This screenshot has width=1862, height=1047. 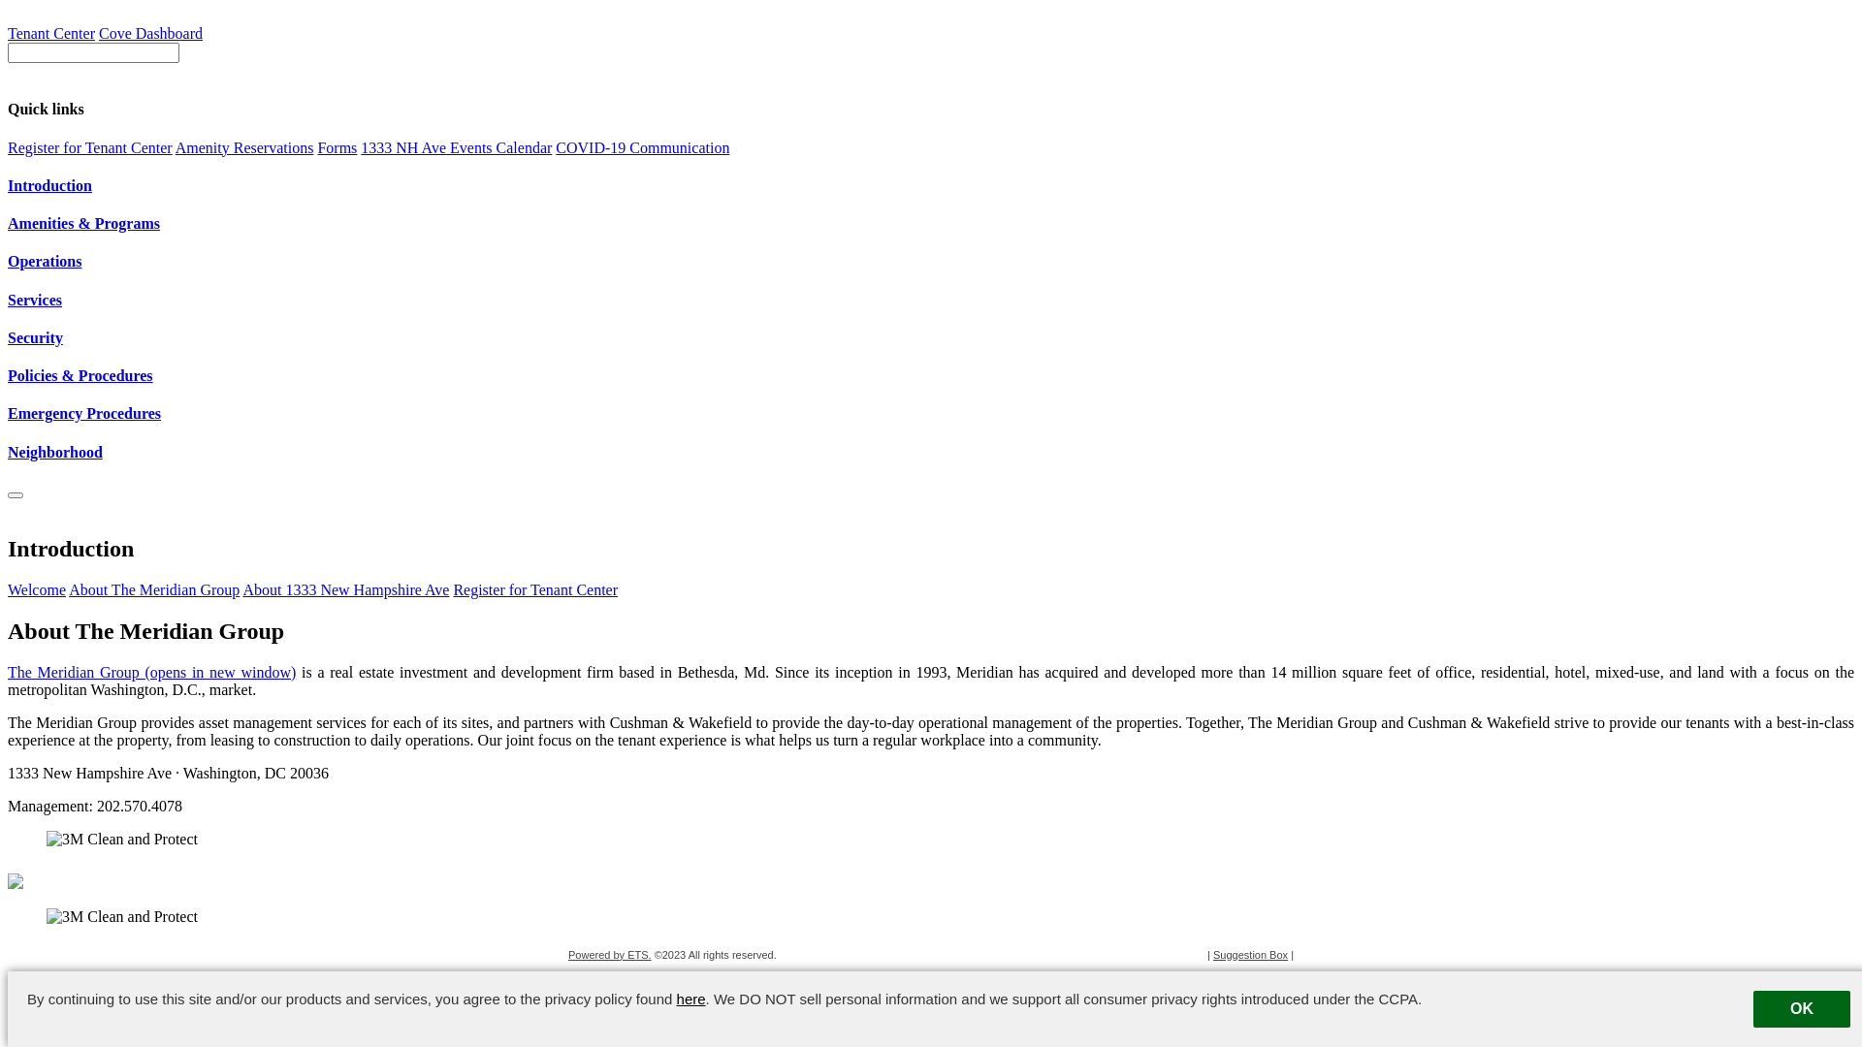 I want to click on 'Suggestion Box', so click(x=1212, y=953).